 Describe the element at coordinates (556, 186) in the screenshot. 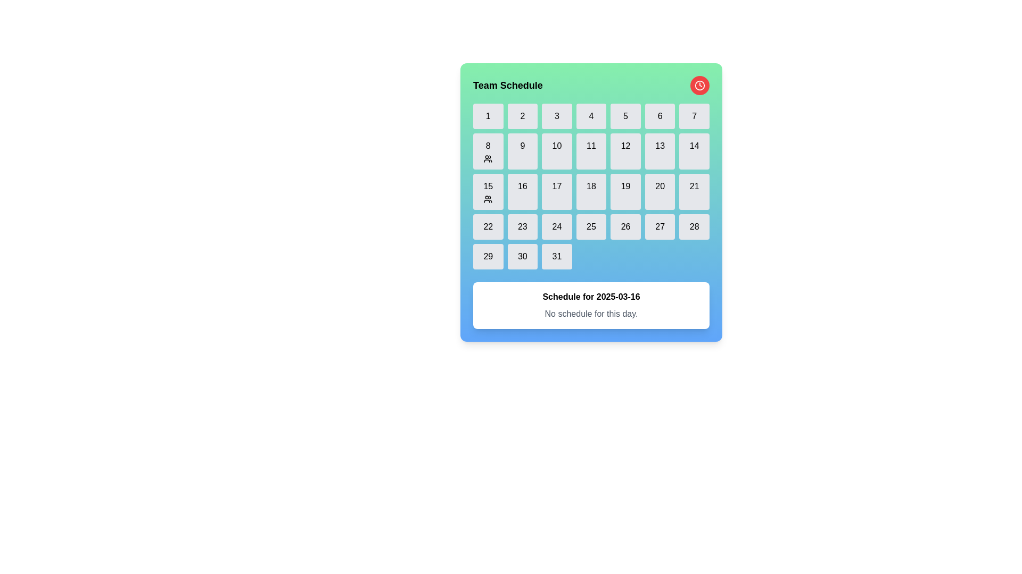

I see `the text label representing the 17th day in the calendar` at that location.